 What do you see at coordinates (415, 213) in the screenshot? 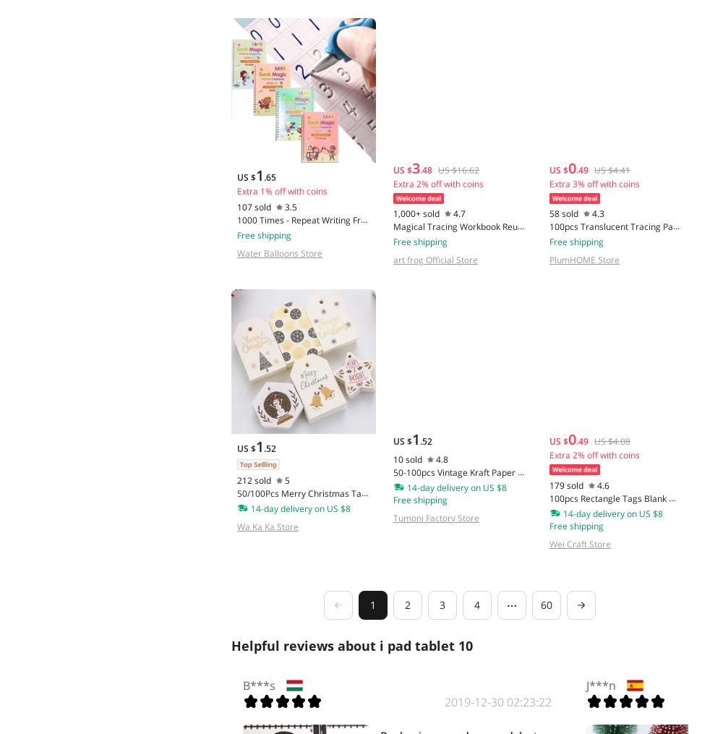
I see `'1,000+ sold'` at bounding box center [415, 213].